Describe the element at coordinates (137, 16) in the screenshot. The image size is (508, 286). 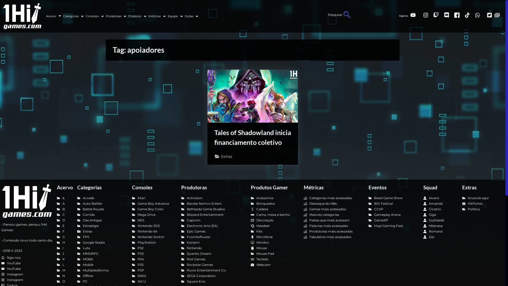
I see `'Produtos'` at that location.